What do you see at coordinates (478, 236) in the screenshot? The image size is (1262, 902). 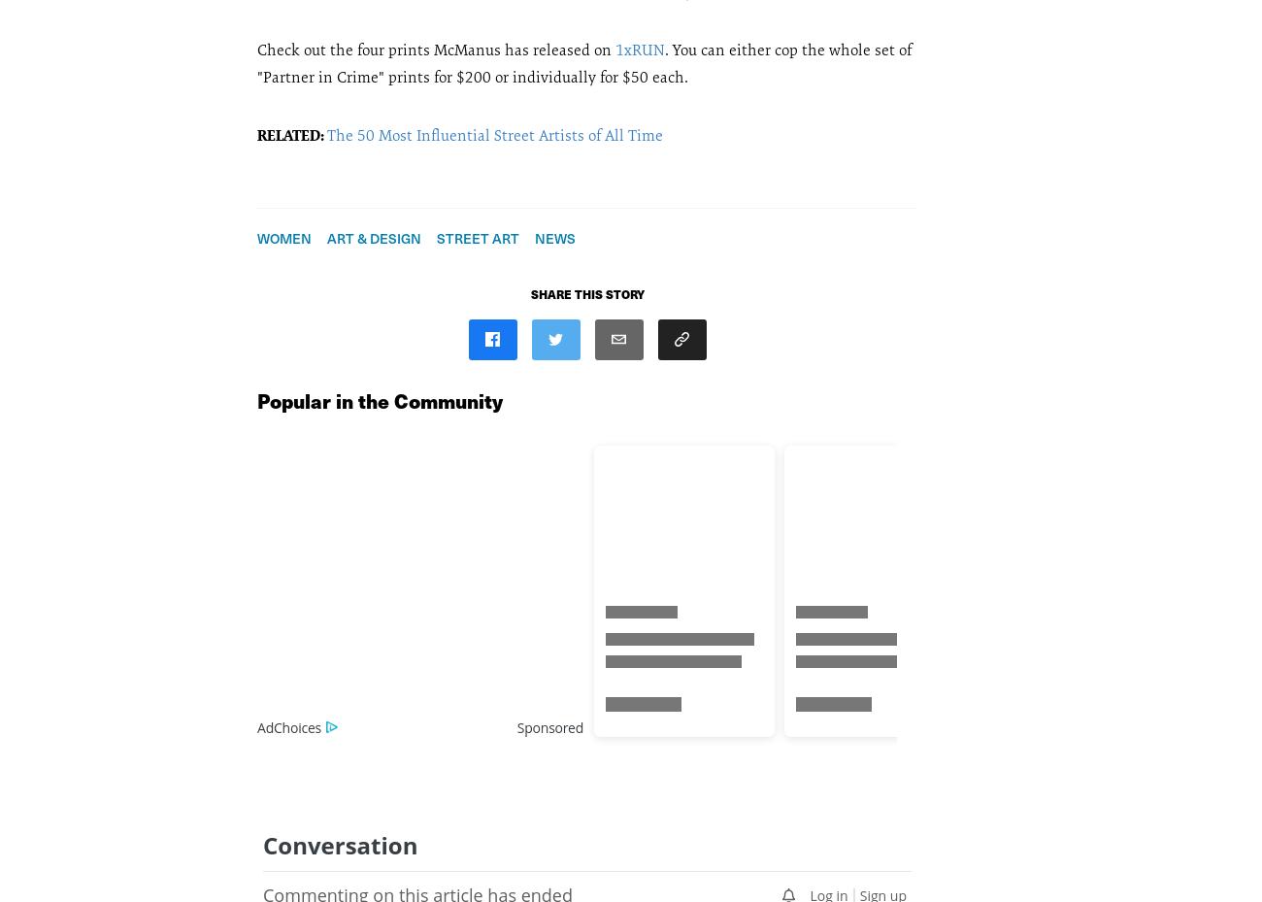 I see `'Street Art'` at bounding box center [478, 236].